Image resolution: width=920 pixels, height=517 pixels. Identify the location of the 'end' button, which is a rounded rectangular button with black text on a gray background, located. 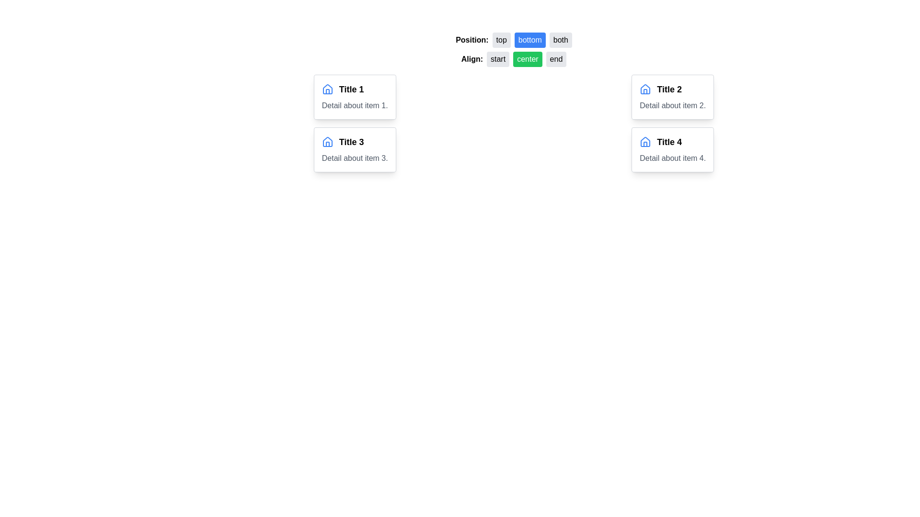
(556, 59).